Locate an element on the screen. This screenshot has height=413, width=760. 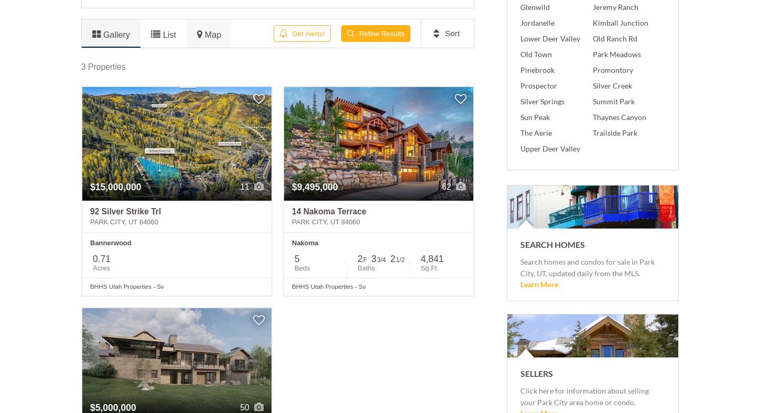
'0.71' is located at coordinates (101, 258).